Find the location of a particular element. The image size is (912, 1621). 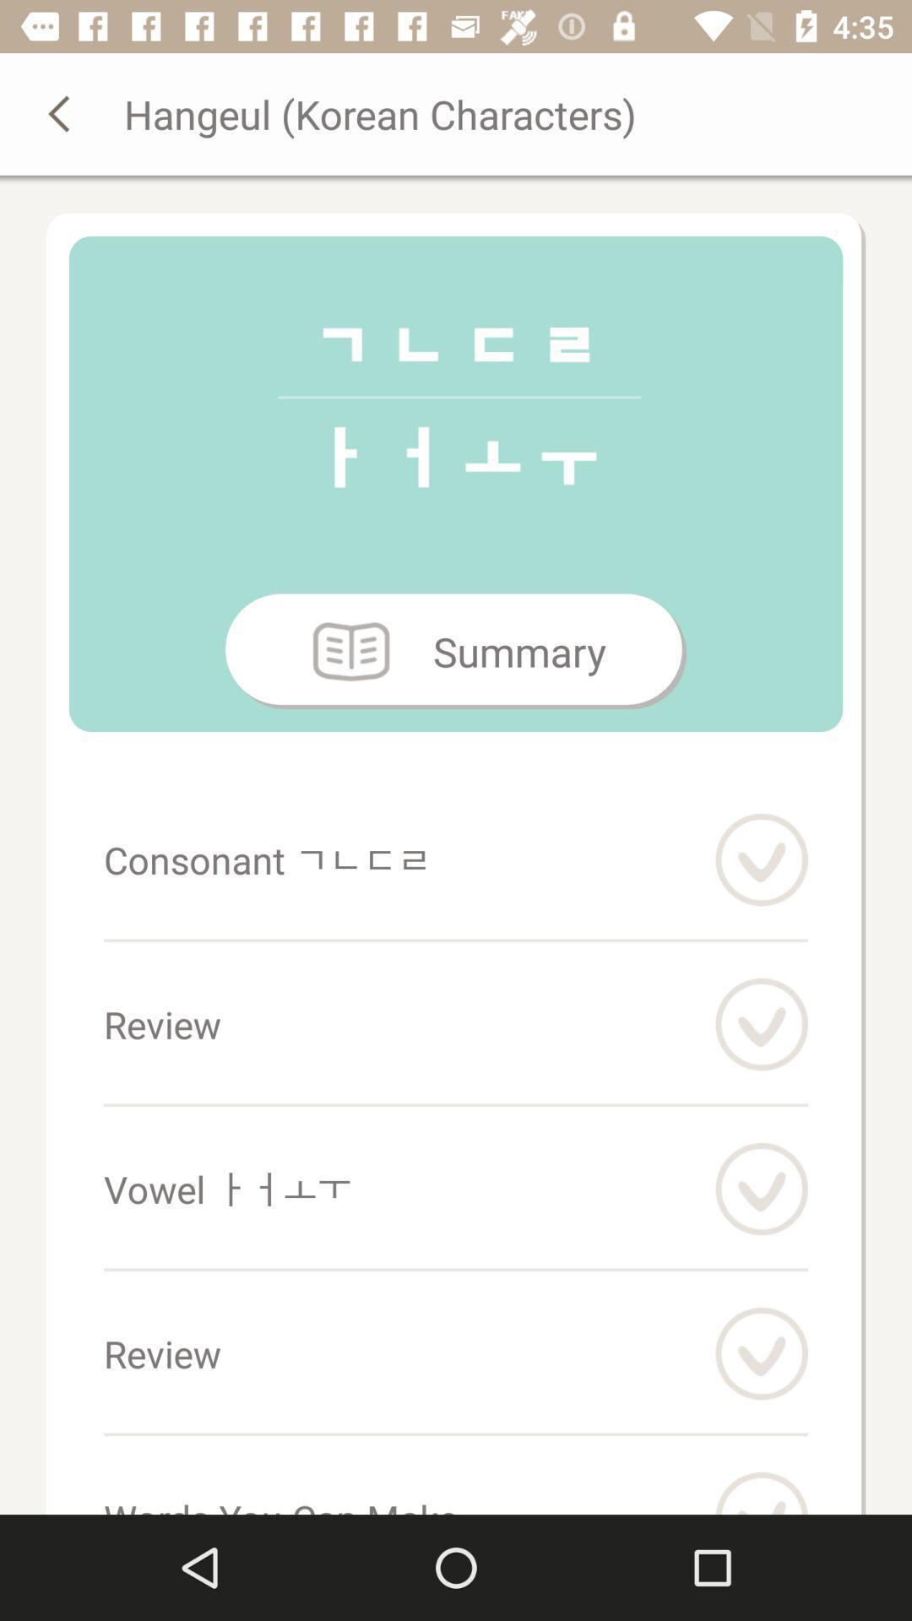

the arrow_backward icon is located at coordinates (61, 112).